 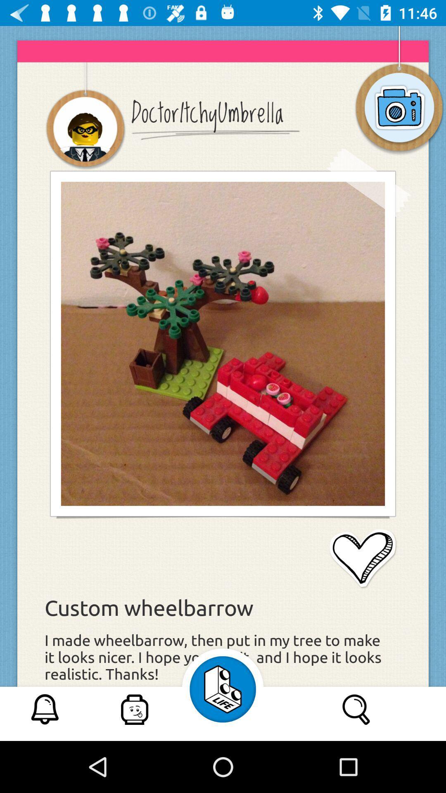 I want to click on second option at bottom of page, so click(x=134, y=709).